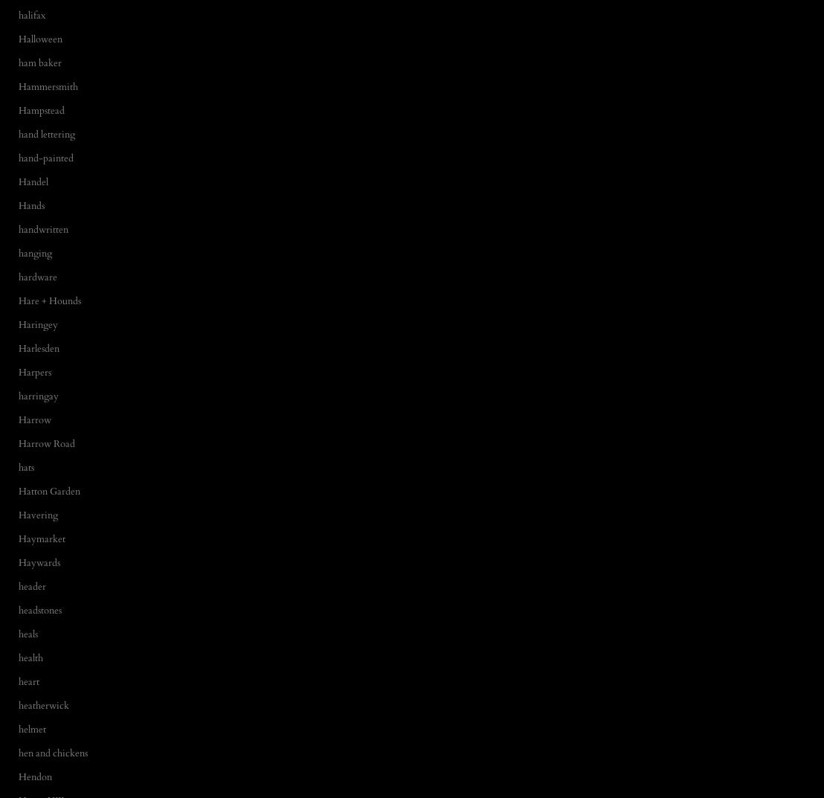 Image resolution: width=824 pixels, height=798 pixels. I want to click on 'Hare + Hounds', so click(49, 299).